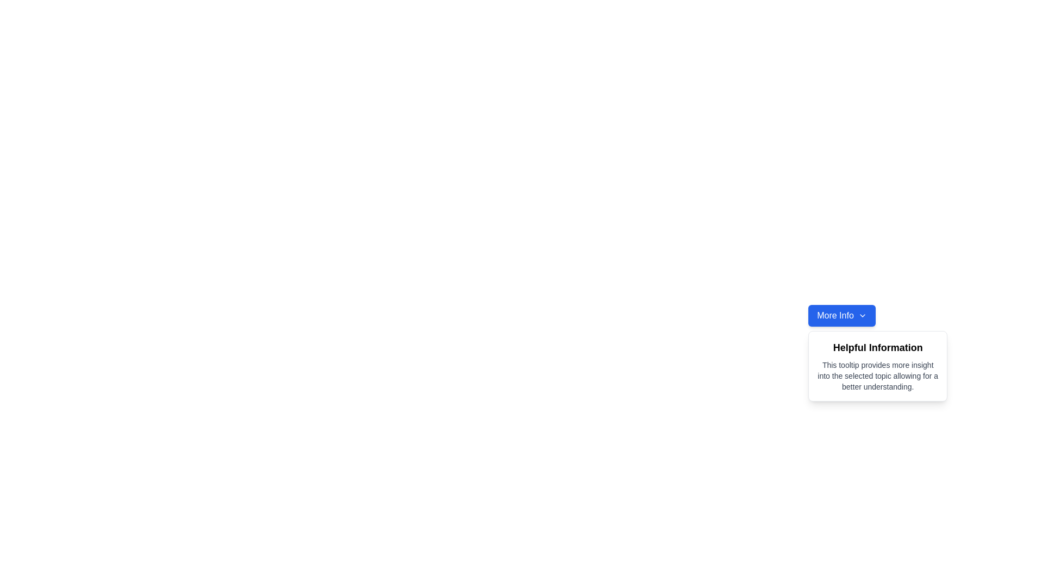 Image resolution: width=1043 pixels, height=586 pixels. I want to click on the tooltip with a white background and rounded corners located below the 'More Info' button, so click(841, 384).